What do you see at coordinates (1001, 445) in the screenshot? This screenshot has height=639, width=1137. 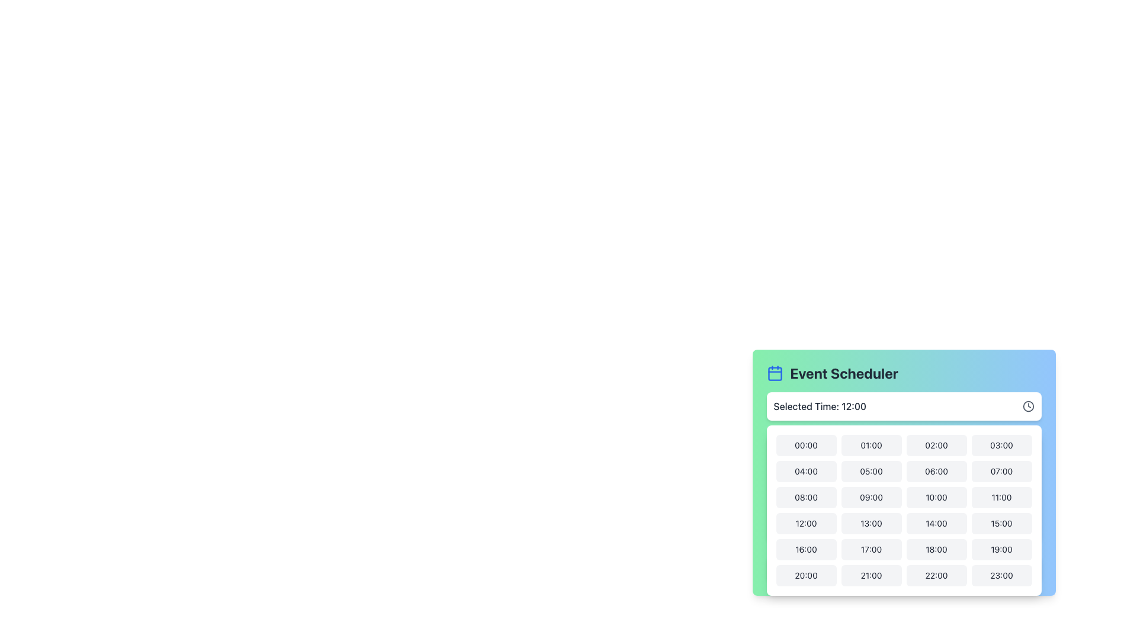 I see `the time-selection button for '03:00' in the Event Scheduler UI to change its background` at bounding box center [1001, 445].